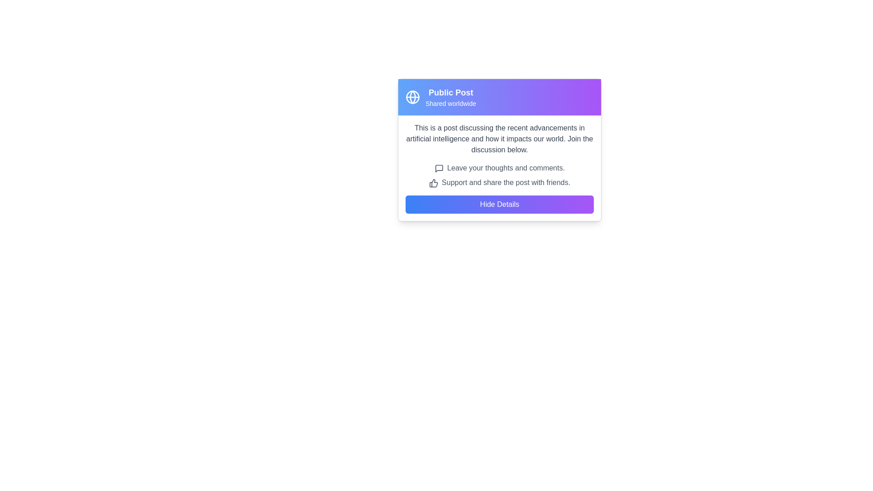  What do you see at coordinates (499, 168) in the screenshot?
I see `the text block that encourages user interaction with the post, located below the 'Public Post' header and above the 'Hide Details' button` at bounding box center [499, 168].